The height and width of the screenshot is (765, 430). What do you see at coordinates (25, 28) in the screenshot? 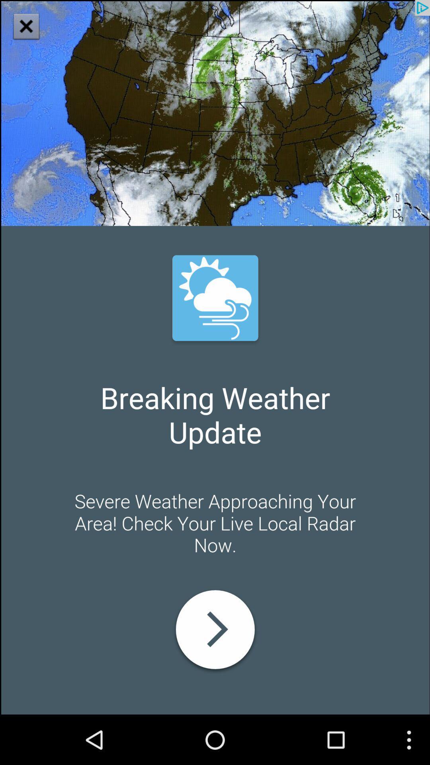
I see `the close icon` at bounding box center [25, 28].